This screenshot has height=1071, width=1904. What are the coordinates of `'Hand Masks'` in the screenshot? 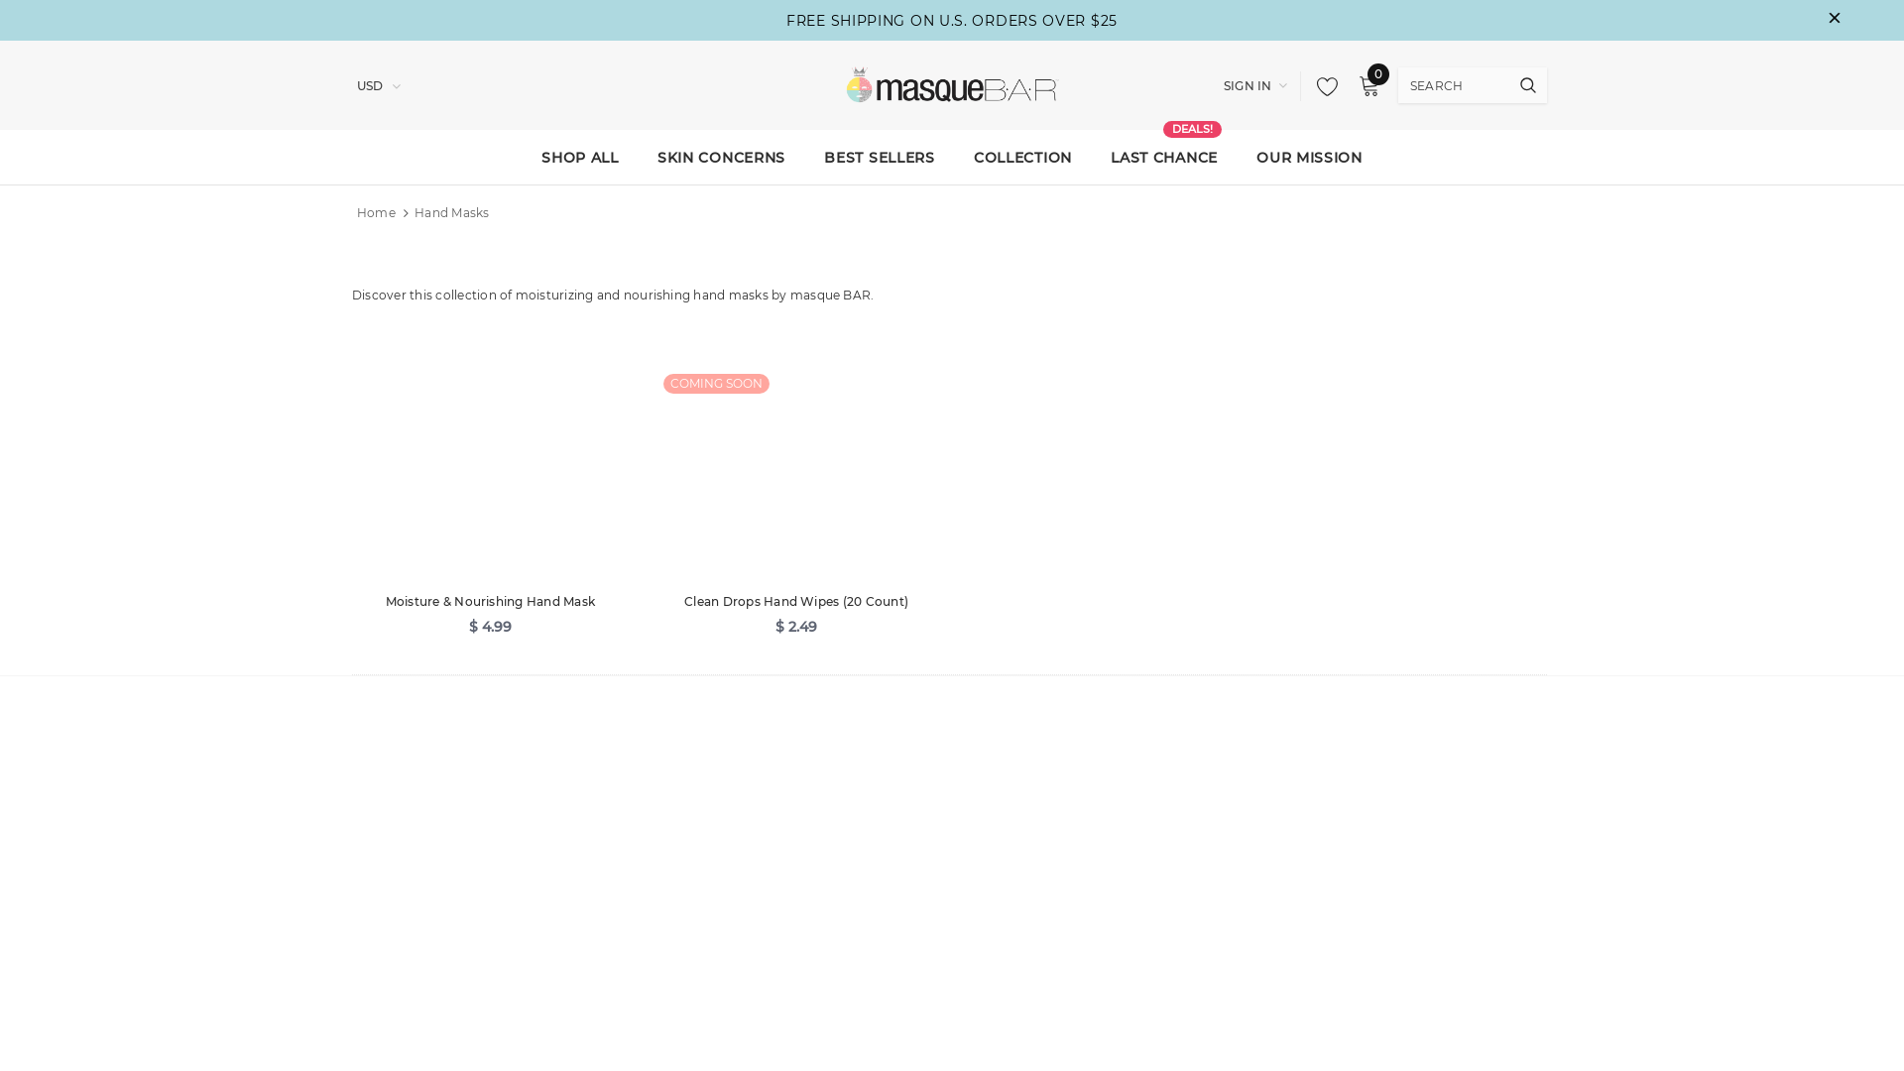 It's located at (450, 212).